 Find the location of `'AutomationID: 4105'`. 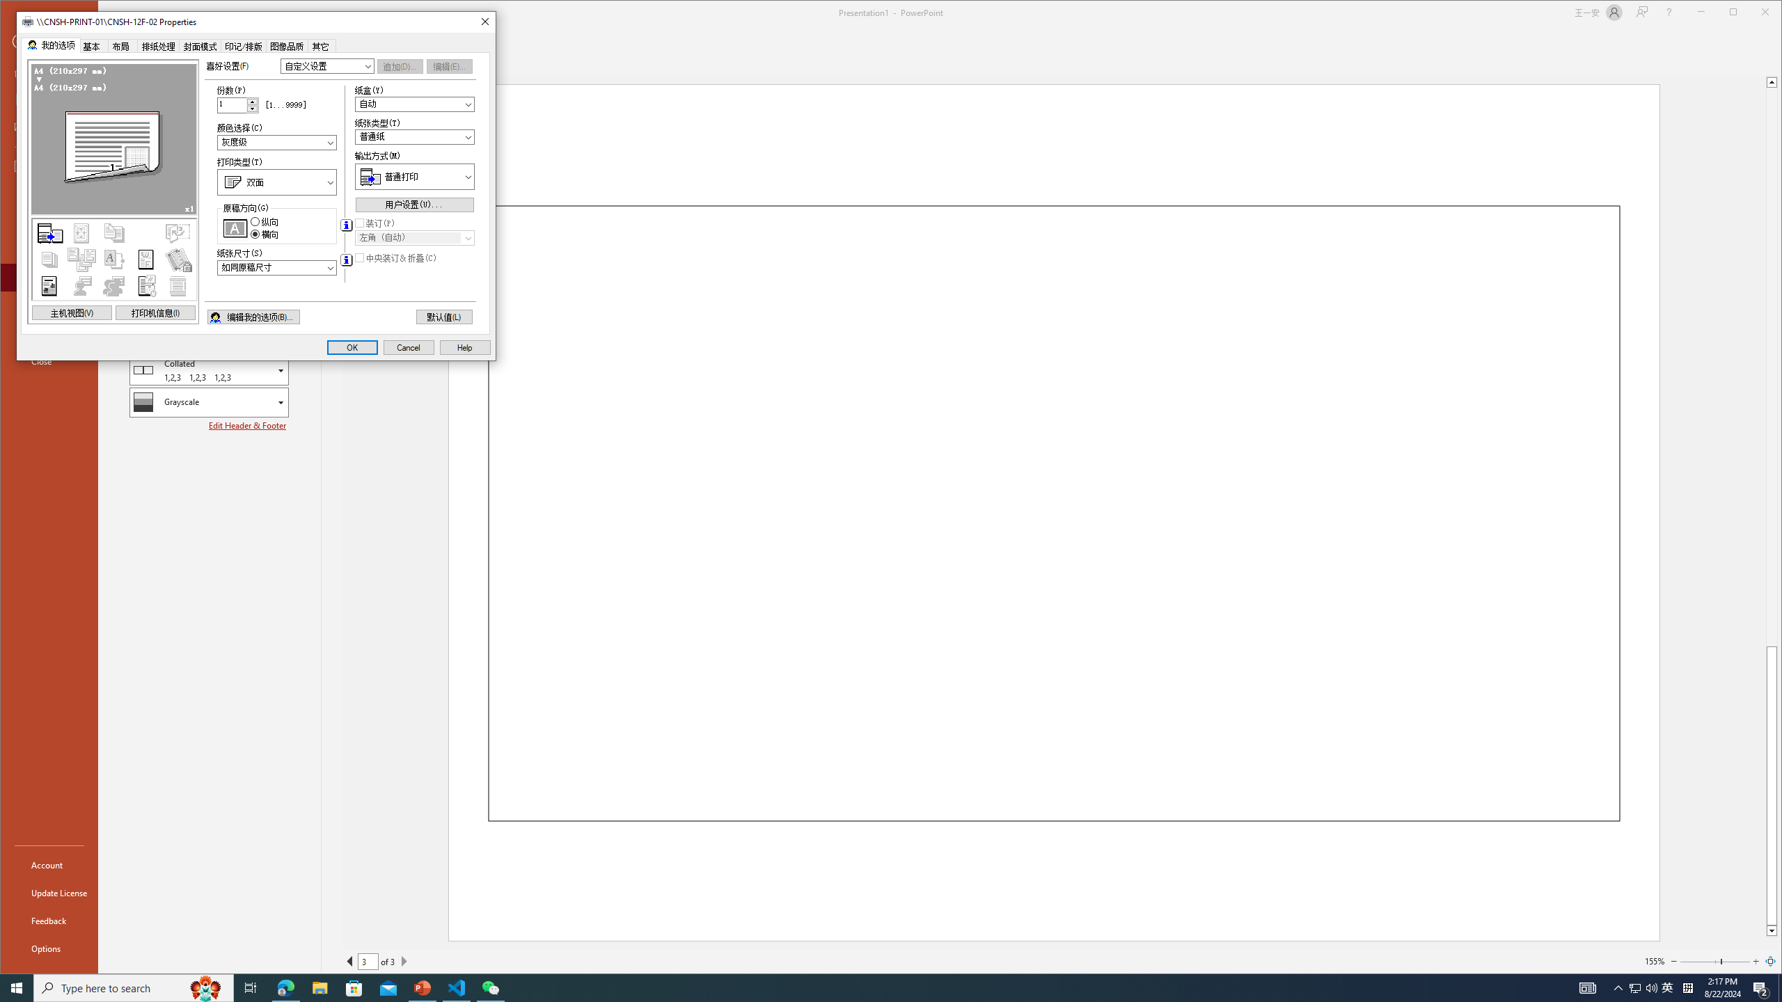

'AutomationID: 4105' is located at coordinates (1586, 987).